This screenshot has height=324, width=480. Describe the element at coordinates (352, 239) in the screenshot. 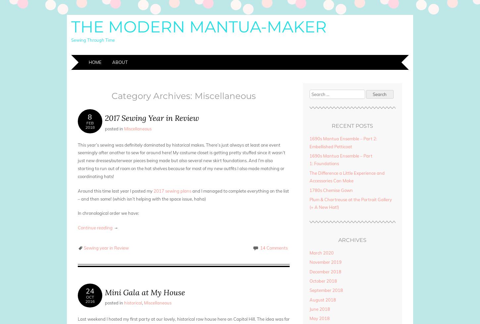

I see `'Archives'` at that location.